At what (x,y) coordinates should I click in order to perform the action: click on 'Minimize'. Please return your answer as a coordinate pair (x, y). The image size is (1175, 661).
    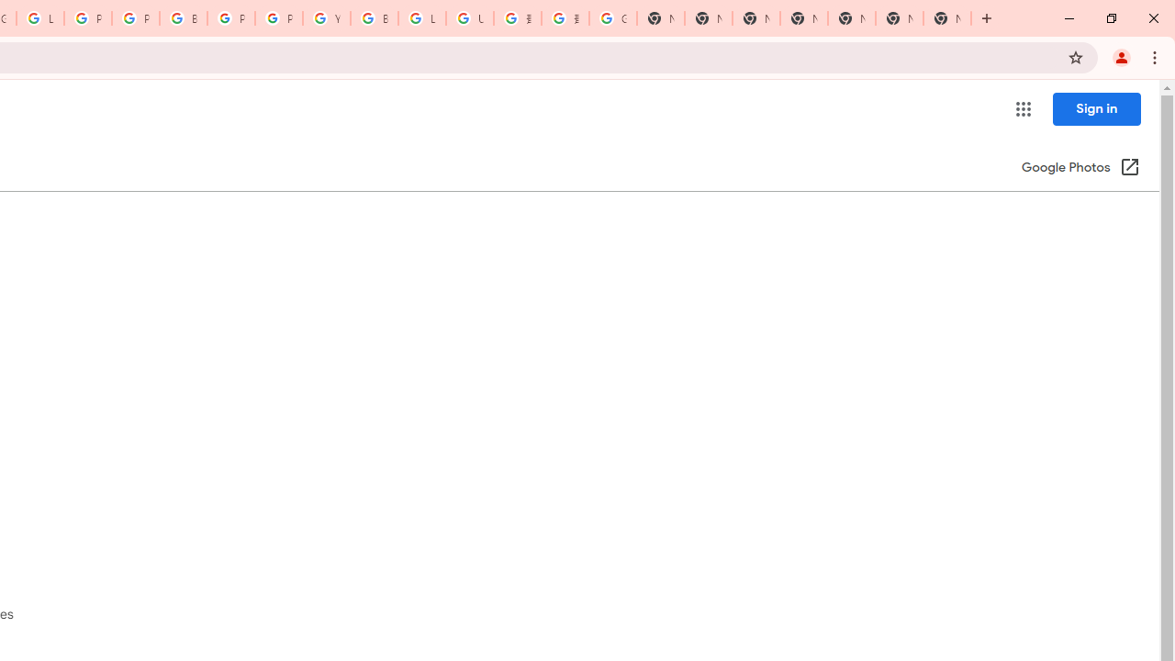
    Looking at the image, I should click on (1069, 18).